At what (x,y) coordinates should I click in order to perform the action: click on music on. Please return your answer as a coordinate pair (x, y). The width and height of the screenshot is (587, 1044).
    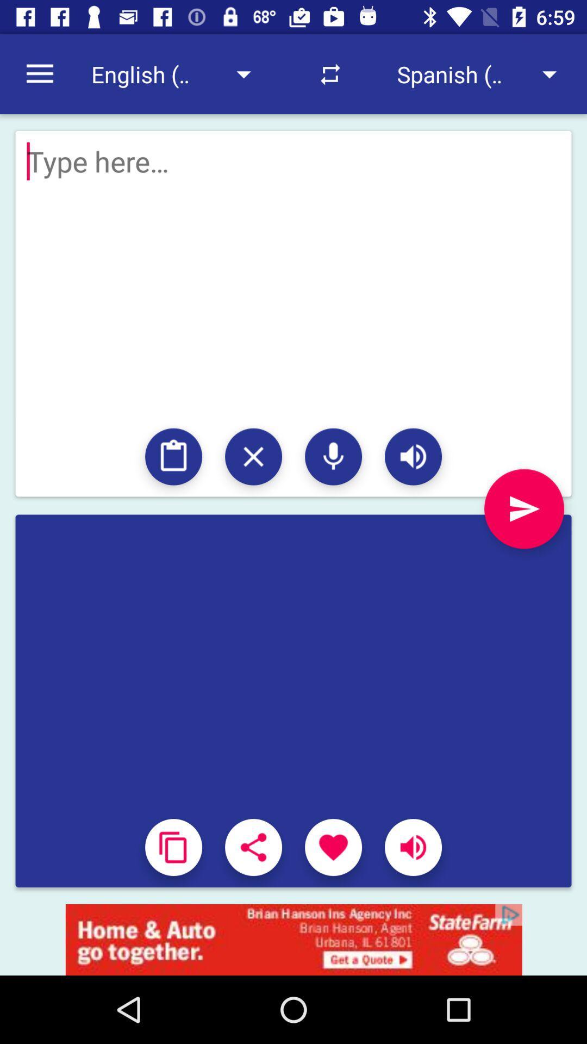
    Looking at the image, I should click on (413, 847).